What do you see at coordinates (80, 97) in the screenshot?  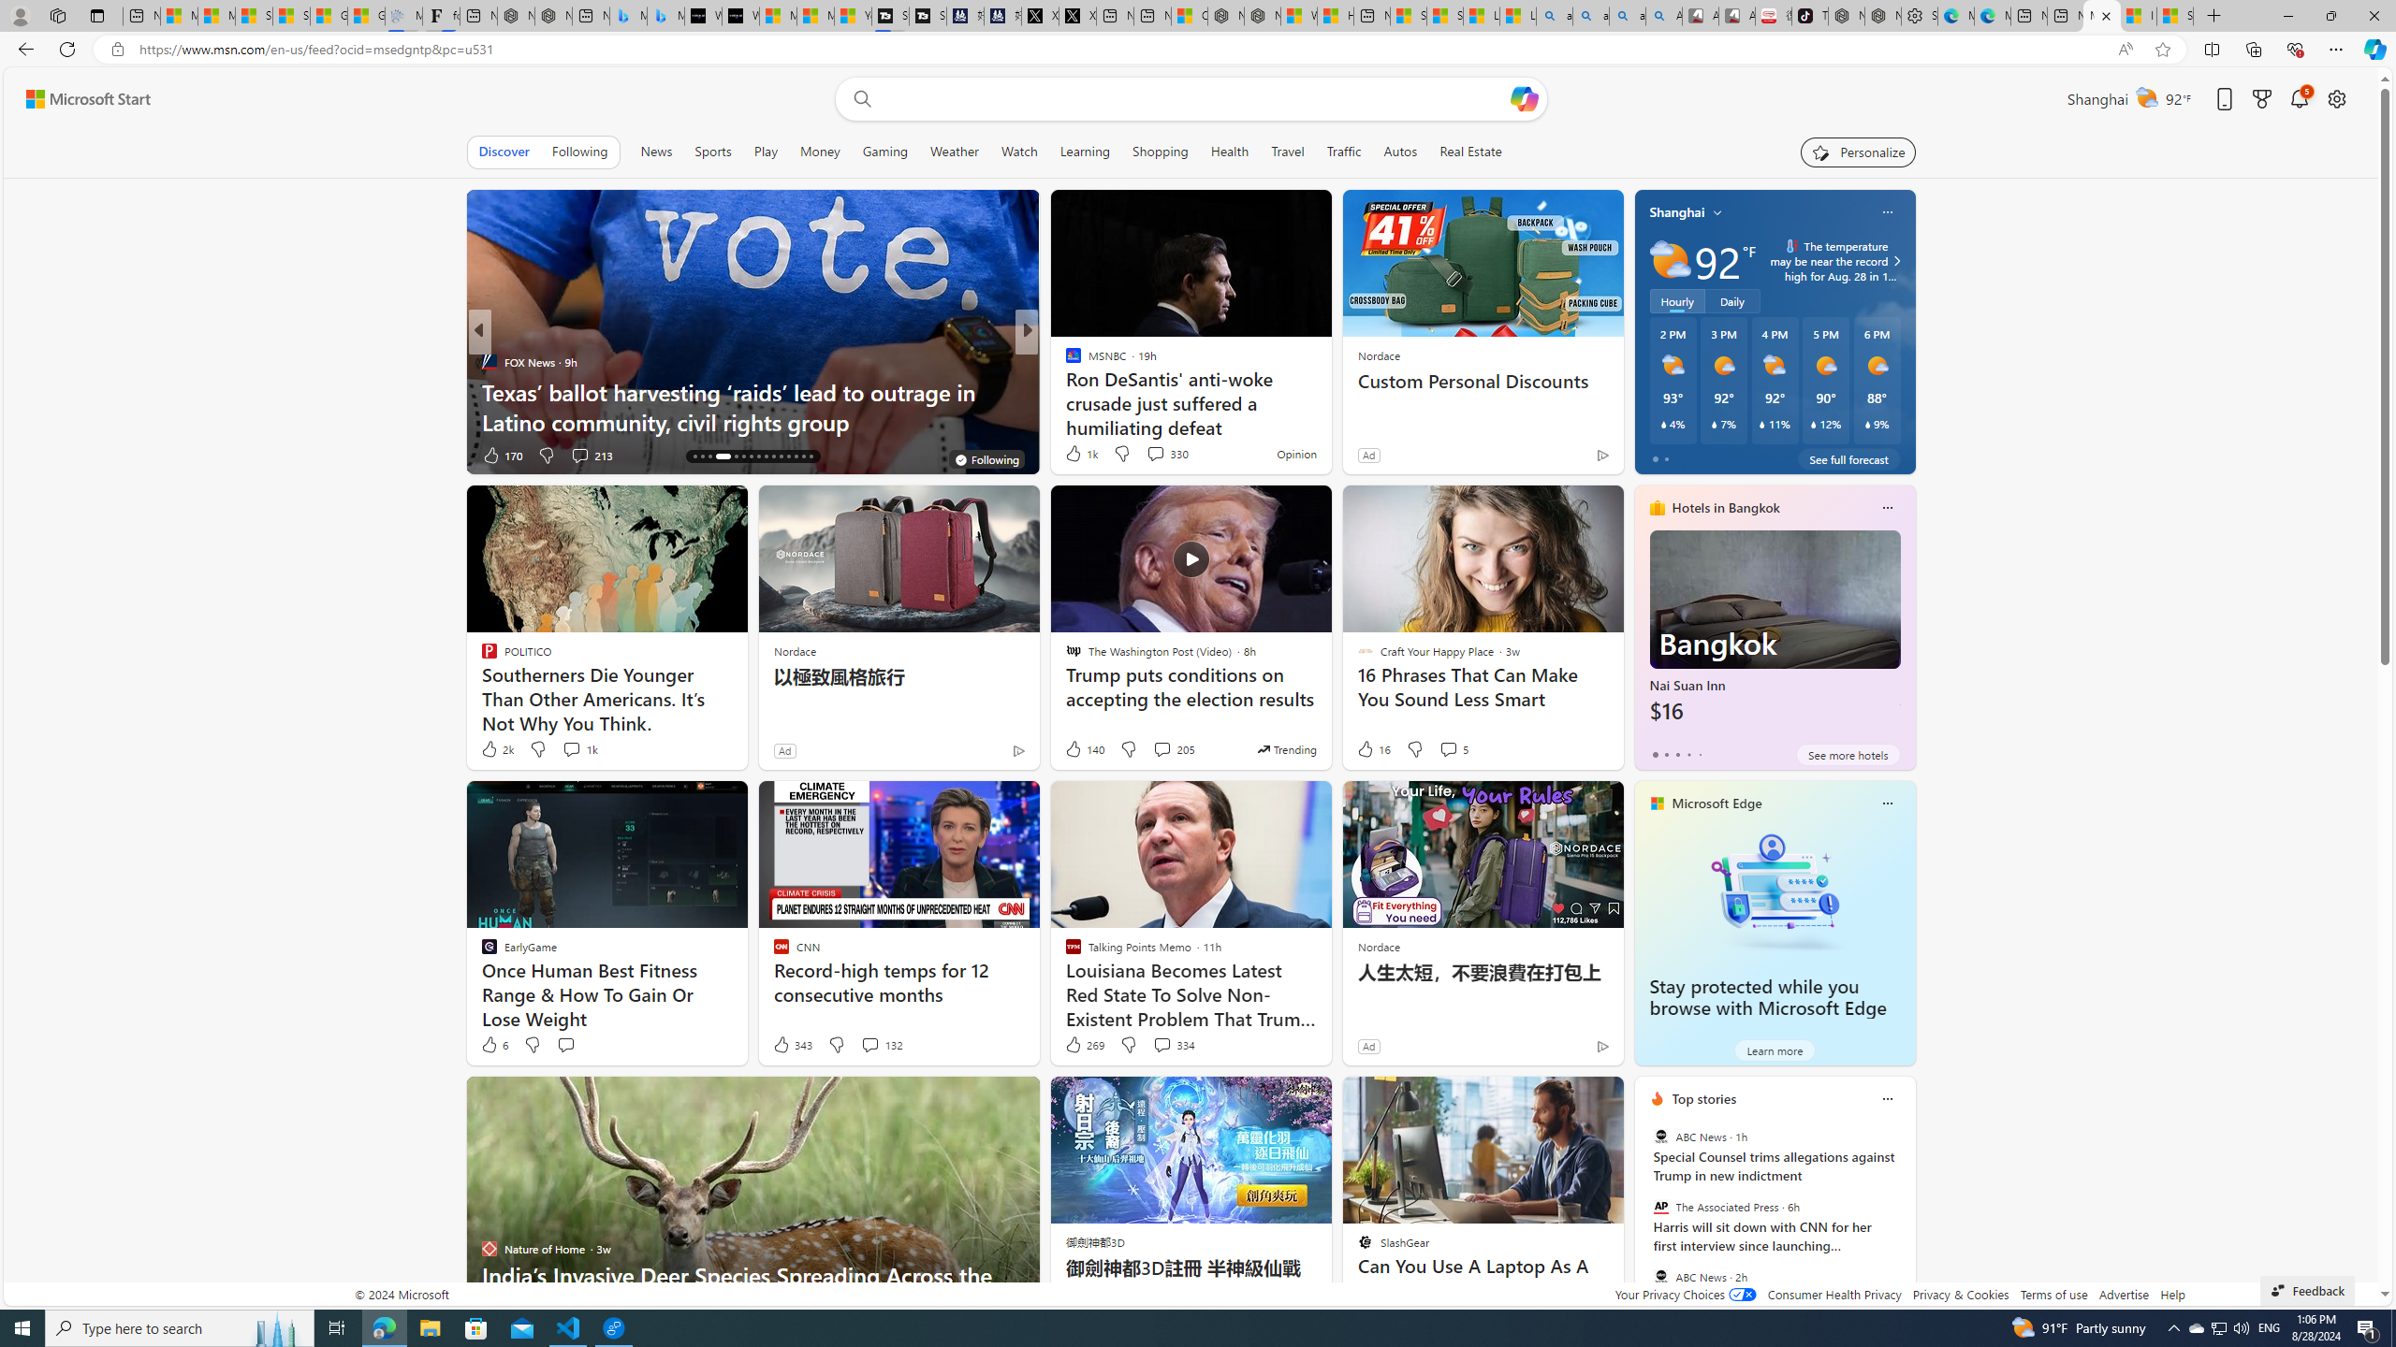 I see `'Skip to content'` at bounding box center [80, 97].